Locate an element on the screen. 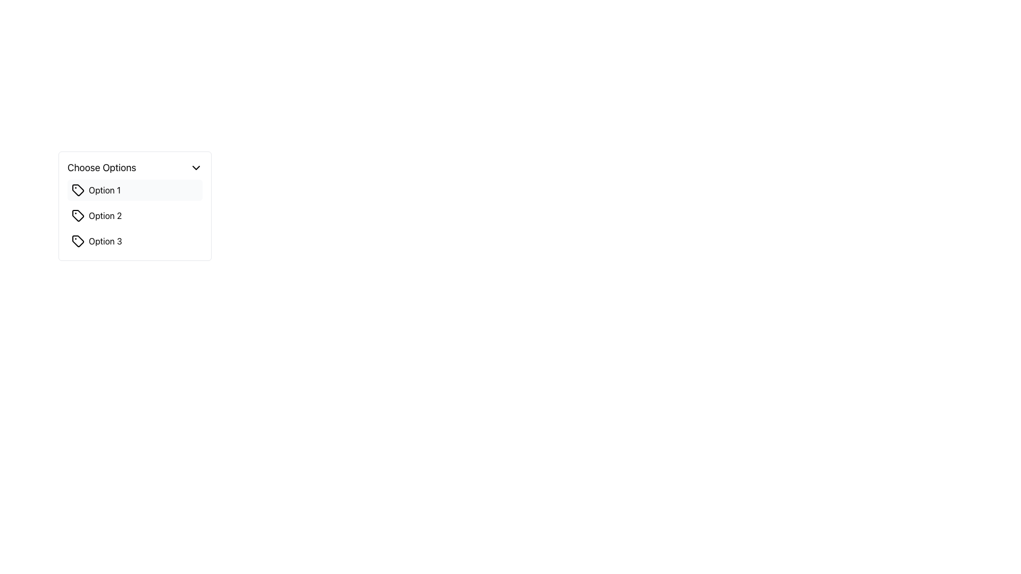 This screenshot has height=574, width=1021. the tag-like icon located near the left end of the third option labeled 'Option 3' in the dropdown menu is located at coordinates (78, 241).